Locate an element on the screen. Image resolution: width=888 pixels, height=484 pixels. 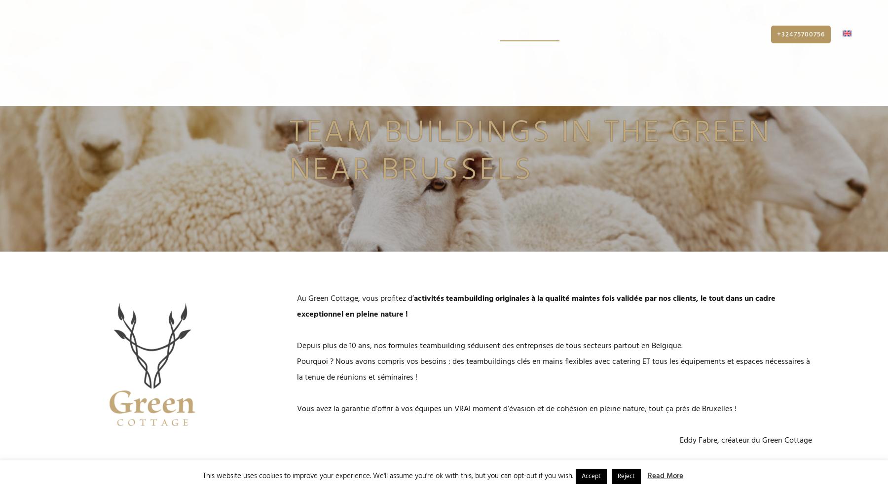
'Private' is located at coordinates (744, 39).